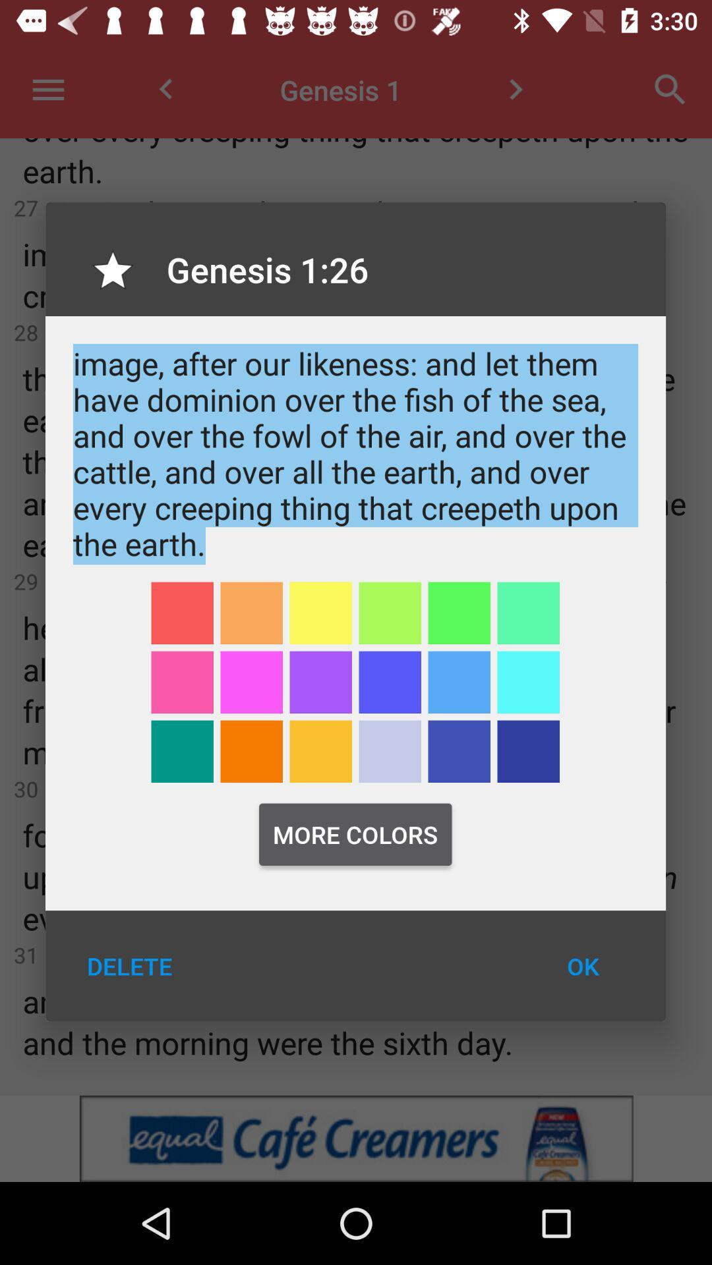  Describe the element at coordinates (527, 682) in the screenshot. I see `color blue` at that location.